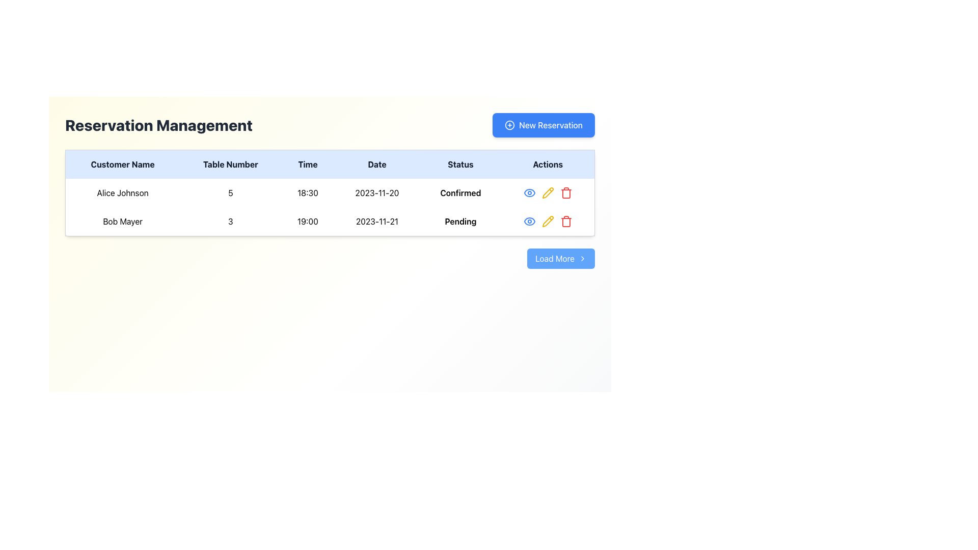 The image size is (978, 550). What do you see at coordinates (158, 125) in the screenshot?
I see `the bold, large text label reading 'Reservation Management' located in the upper-left corner of the interface` at bounding box center [158, 125].